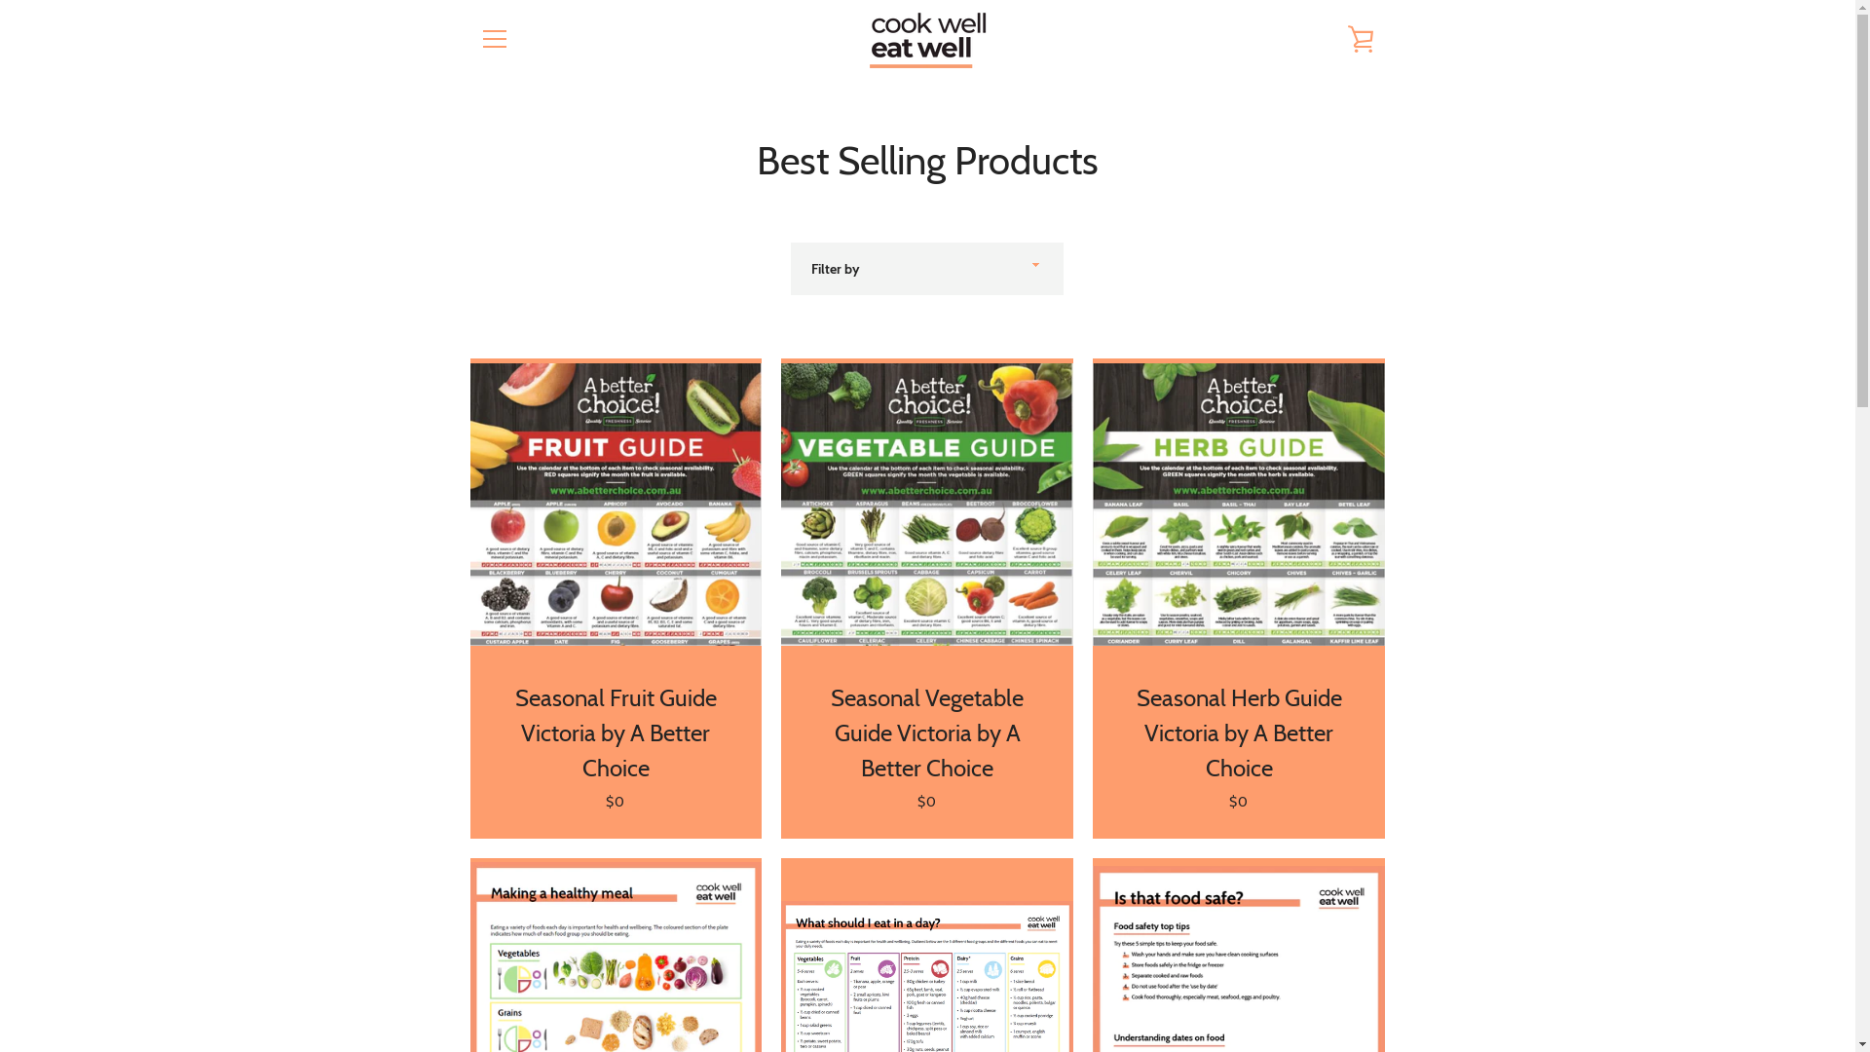  Describe the element at coordinates (0, 0) in the screenshot. I see `'Skip to content'` at that location.